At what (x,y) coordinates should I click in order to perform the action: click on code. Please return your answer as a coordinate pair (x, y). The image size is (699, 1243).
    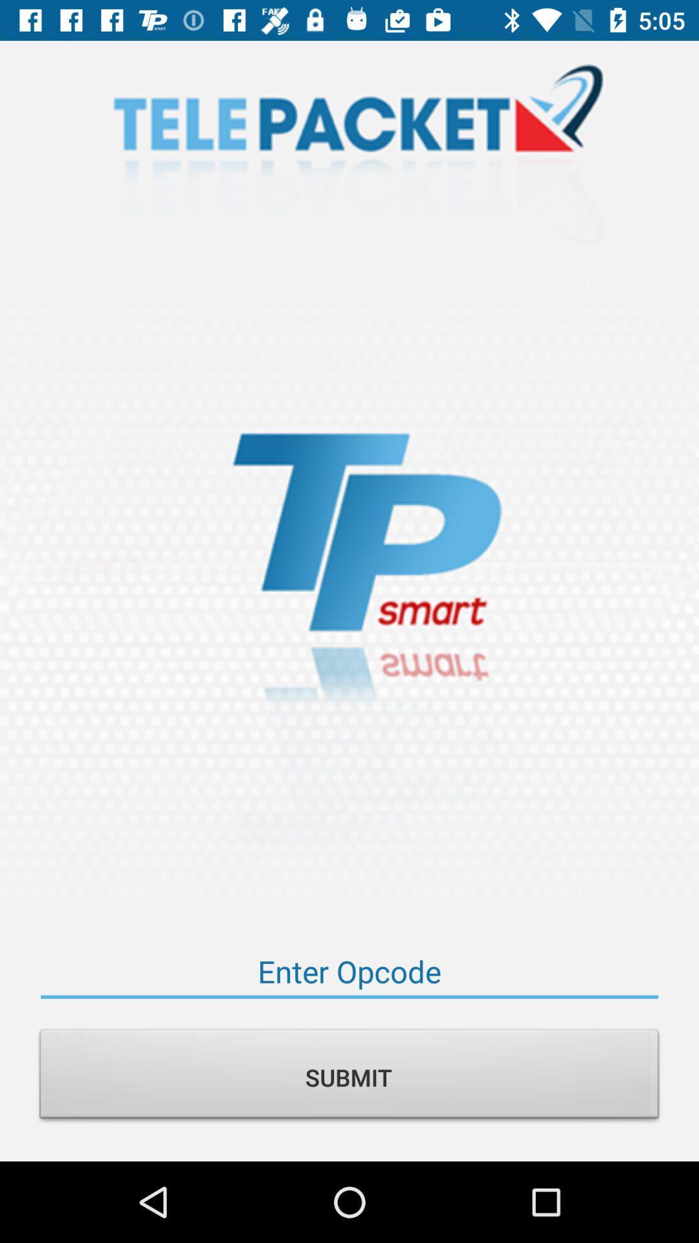
    Looking at the image, I should click on (349, 972).